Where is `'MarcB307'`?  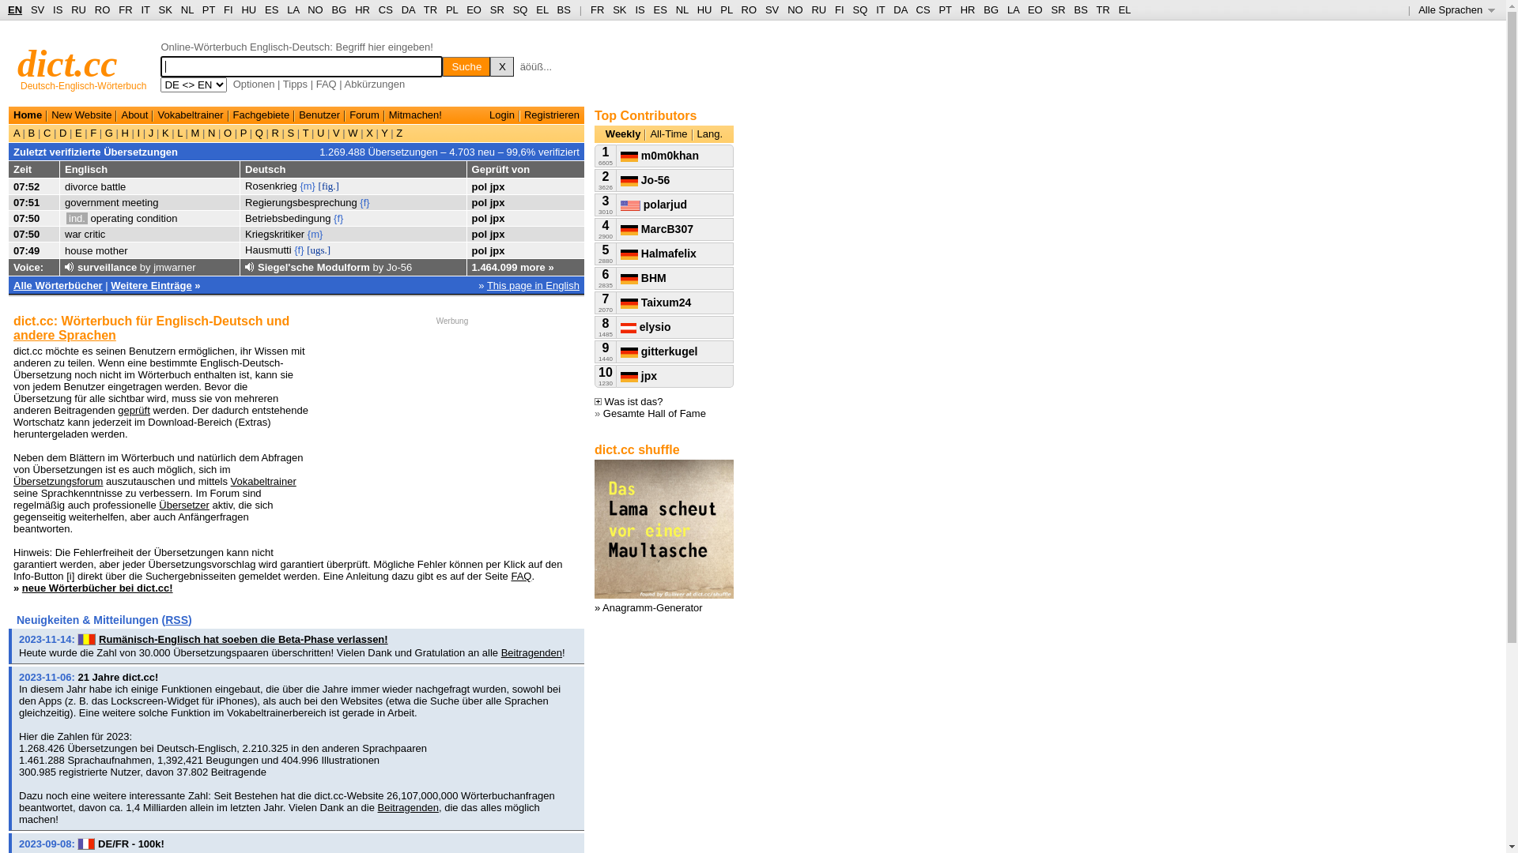
'MarcB307' is located at coordinates (656, 228).